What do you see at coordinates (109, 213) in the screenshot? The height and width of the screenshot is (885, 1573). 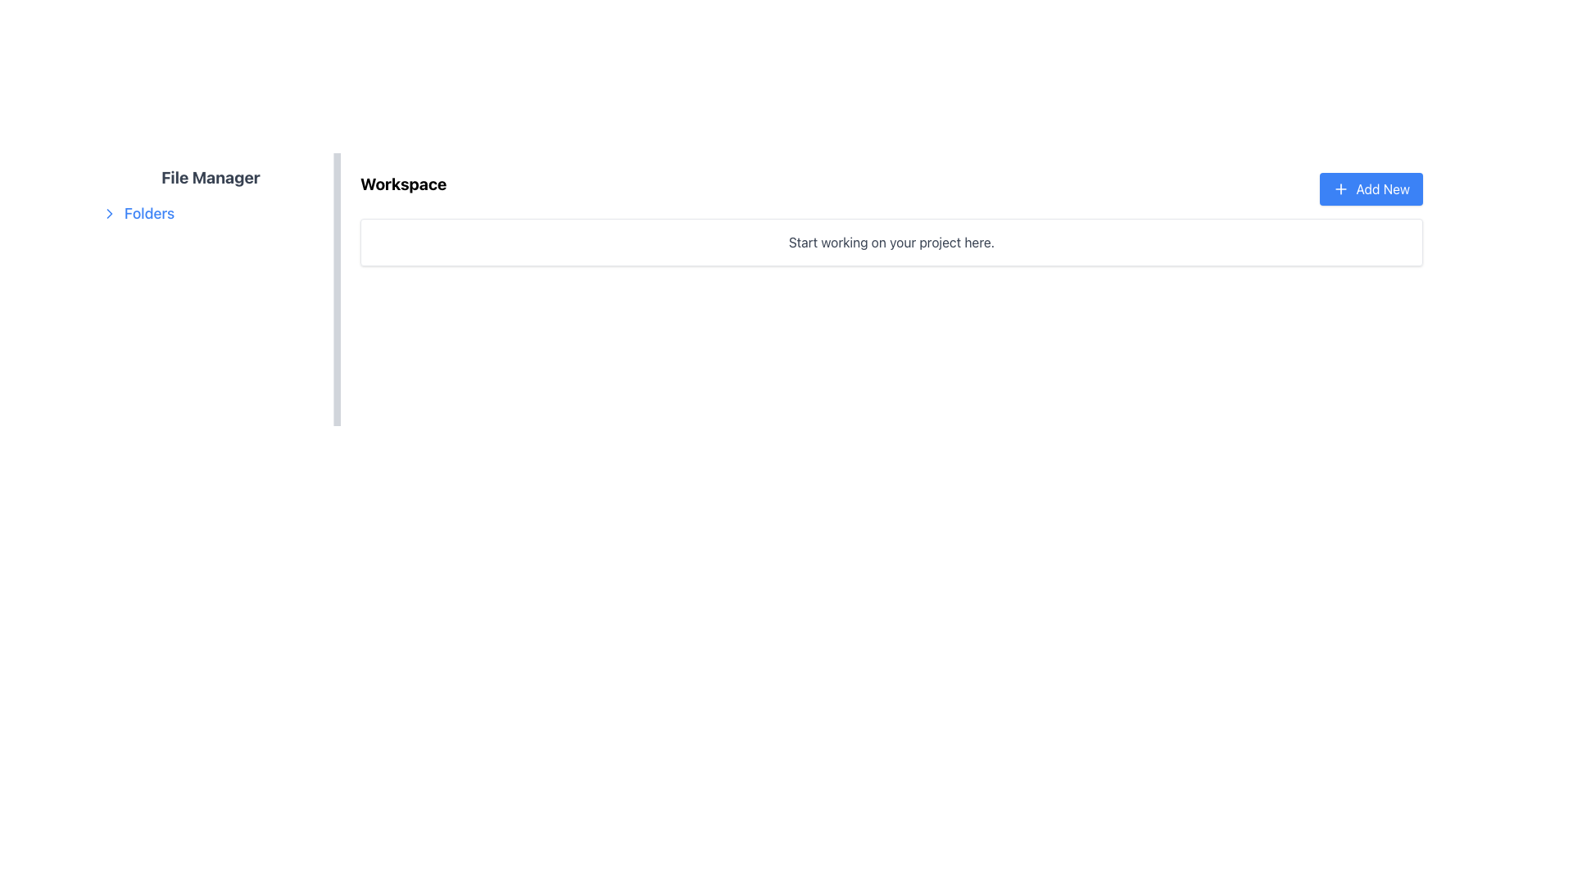 I see `the right-facing chevron icon, a minimalistic outlined triangular shape pointing to the right, located under the 'File Manager' label and to the left of the 'Folders' text label` at bounding box center [109, 213].